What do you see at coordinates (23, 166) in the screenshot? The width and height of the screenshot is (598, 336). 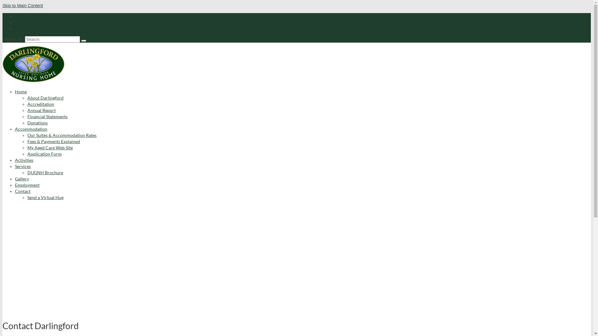 I see `'Services'` at bounding box center [23, 166].